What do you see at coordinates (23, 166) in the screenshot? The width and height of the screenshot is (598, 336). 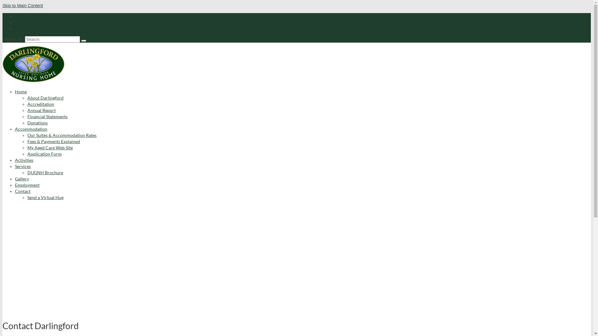 I see `'Services'` at bounding box center [23, 166].